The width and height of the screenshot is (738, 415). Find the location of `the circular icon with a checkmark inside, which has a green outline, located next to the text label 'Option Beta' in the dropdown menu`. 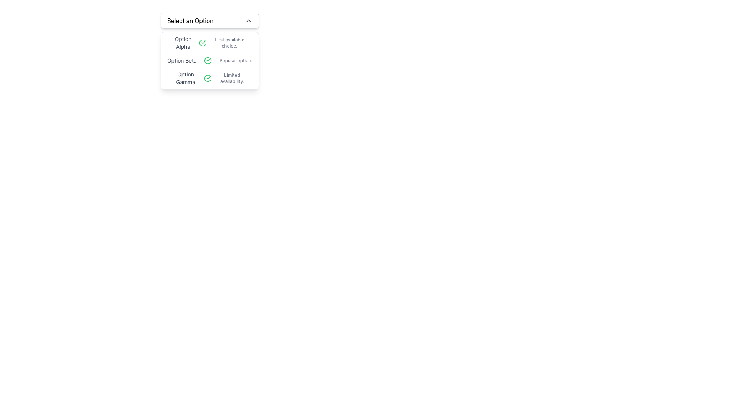

the circular icon with a checkmark inside, which has a green outline, located next to the text label 'Option Beta' in the dropdown menu is located at coordinates (208, 60).